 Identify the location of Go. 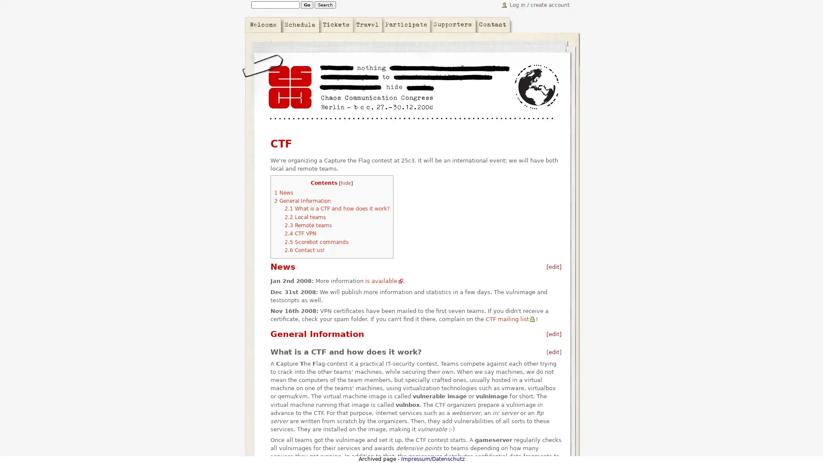
(306, 5).